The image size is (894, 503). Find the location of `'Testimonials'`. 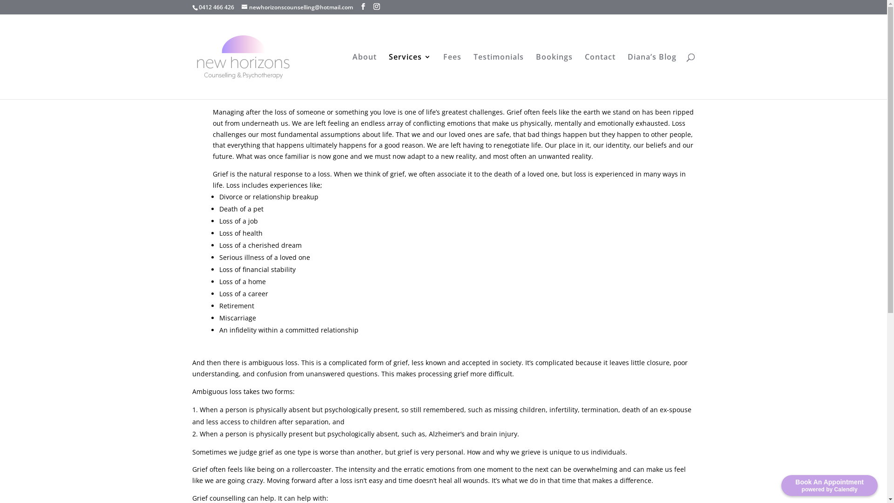

'Testimonials' is located at coordinates (498, 76).